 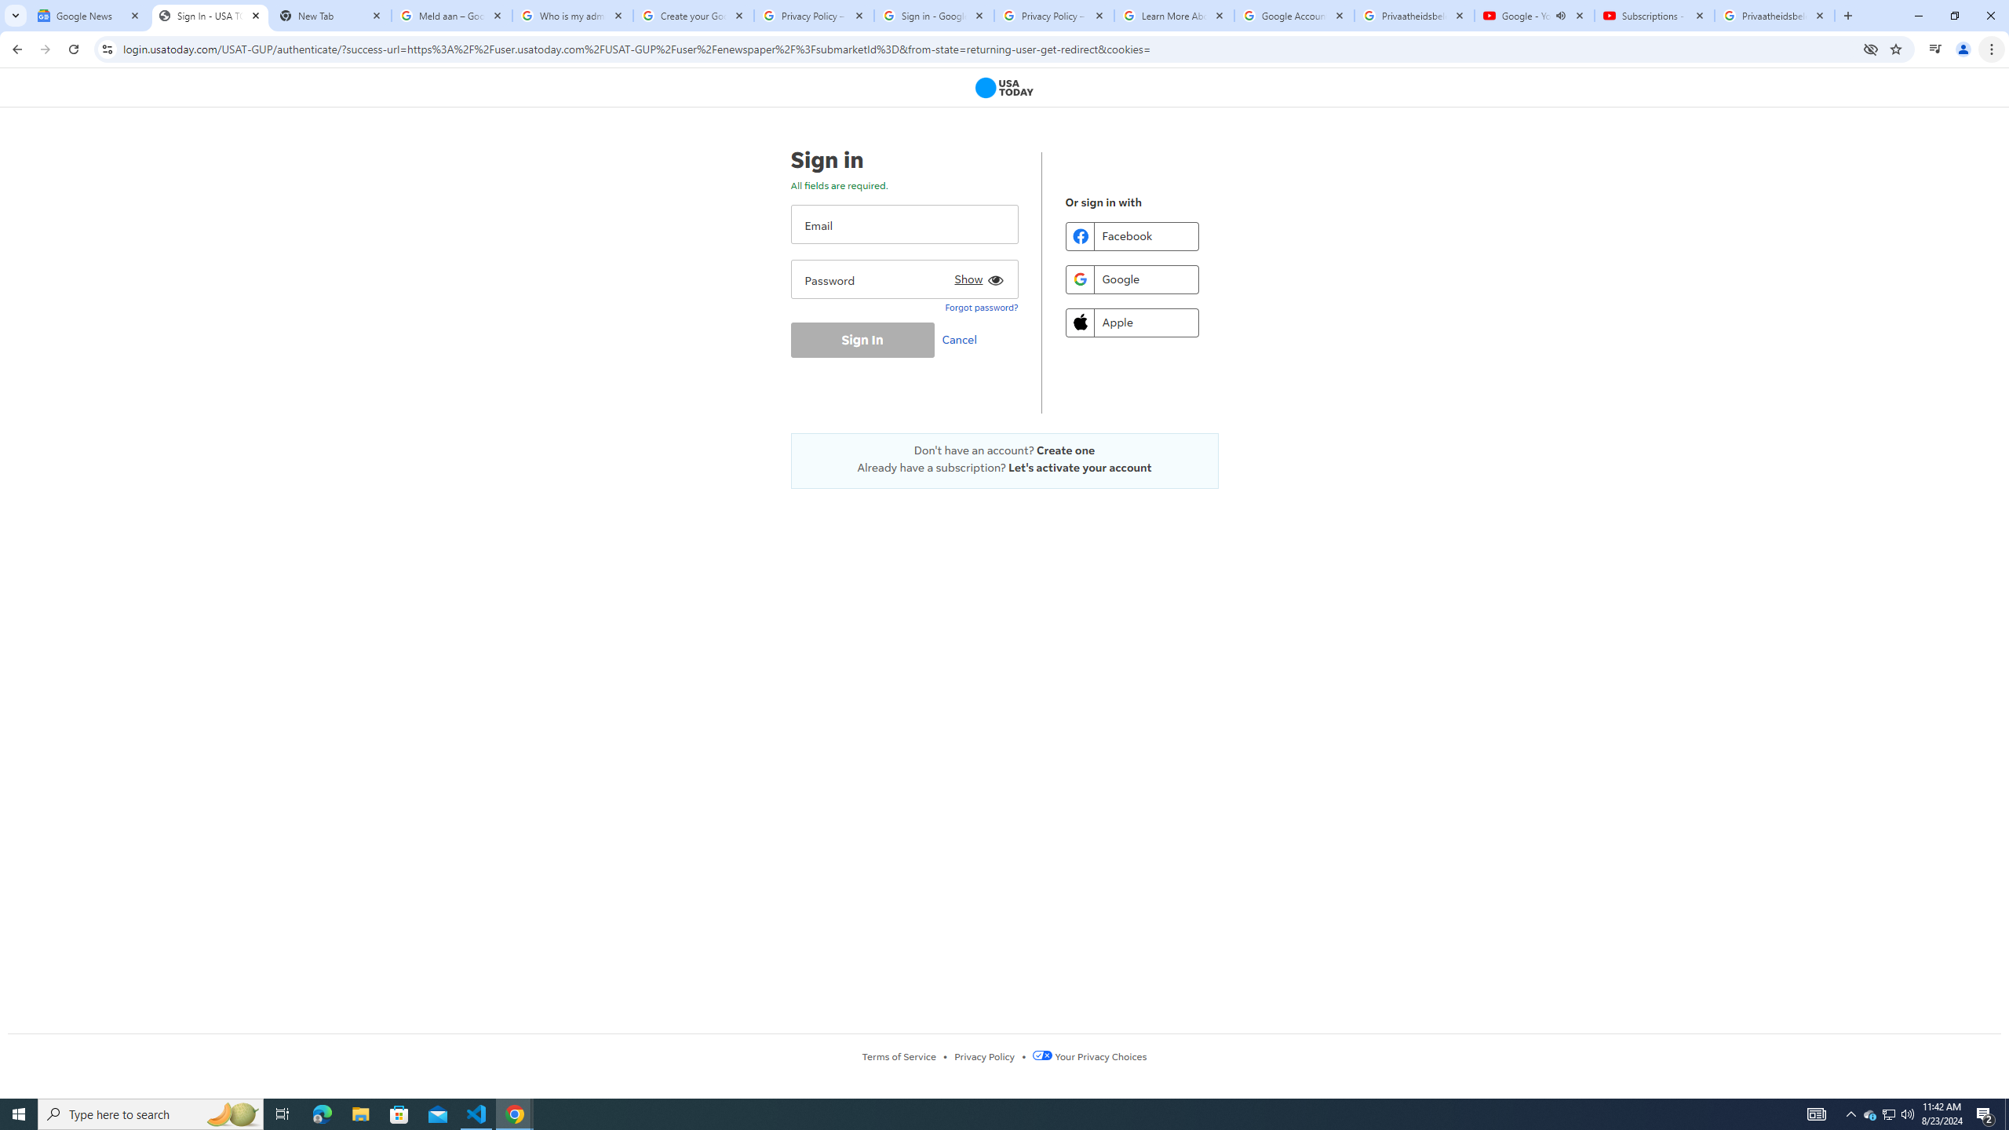 What do you see at coordinates (1088, 1055) in the screenshot?
I see `' Your Privacy Choices'` at bounding box center [1088, 1055].